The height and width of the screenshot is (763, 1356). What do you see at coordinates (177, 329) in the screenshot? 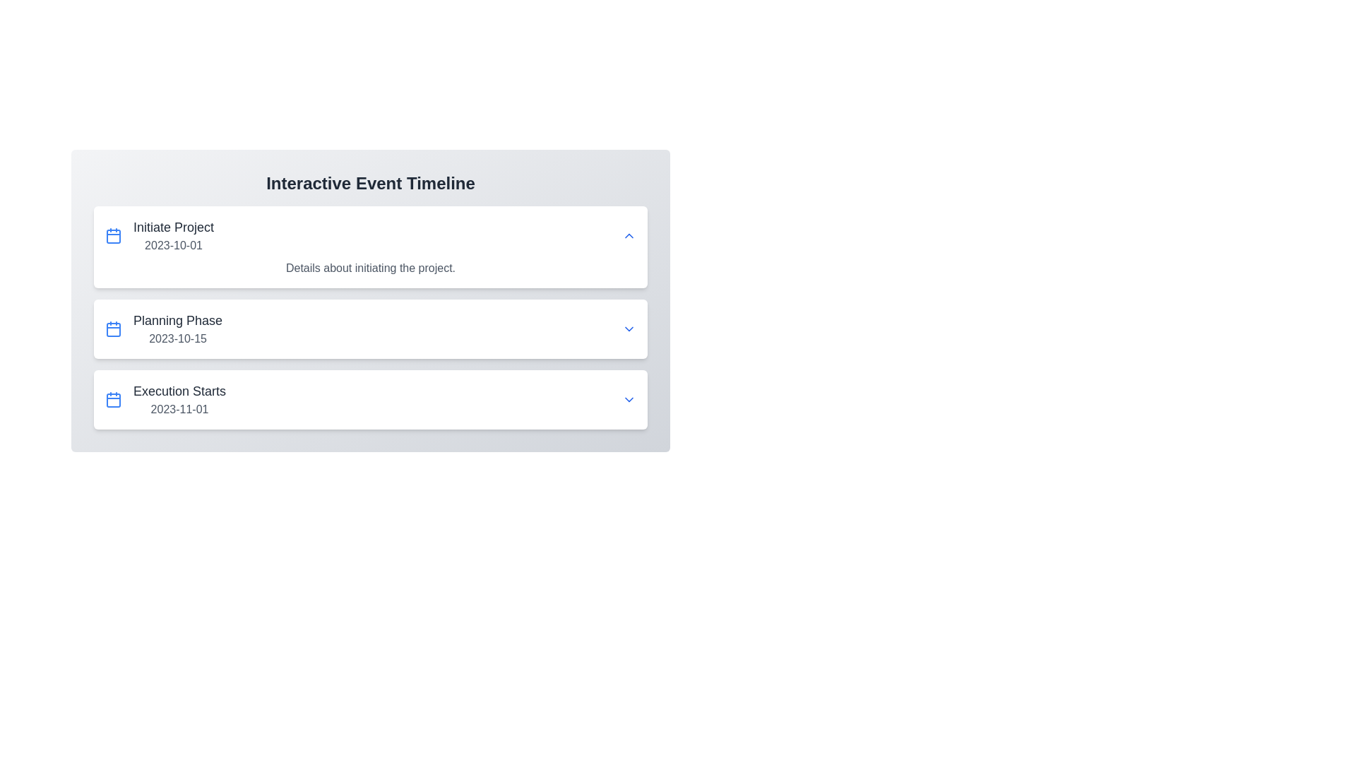
I see `the list item displaying 'Planning Phase' with the date '2023-10-15'` at bounding box center [177, 329].